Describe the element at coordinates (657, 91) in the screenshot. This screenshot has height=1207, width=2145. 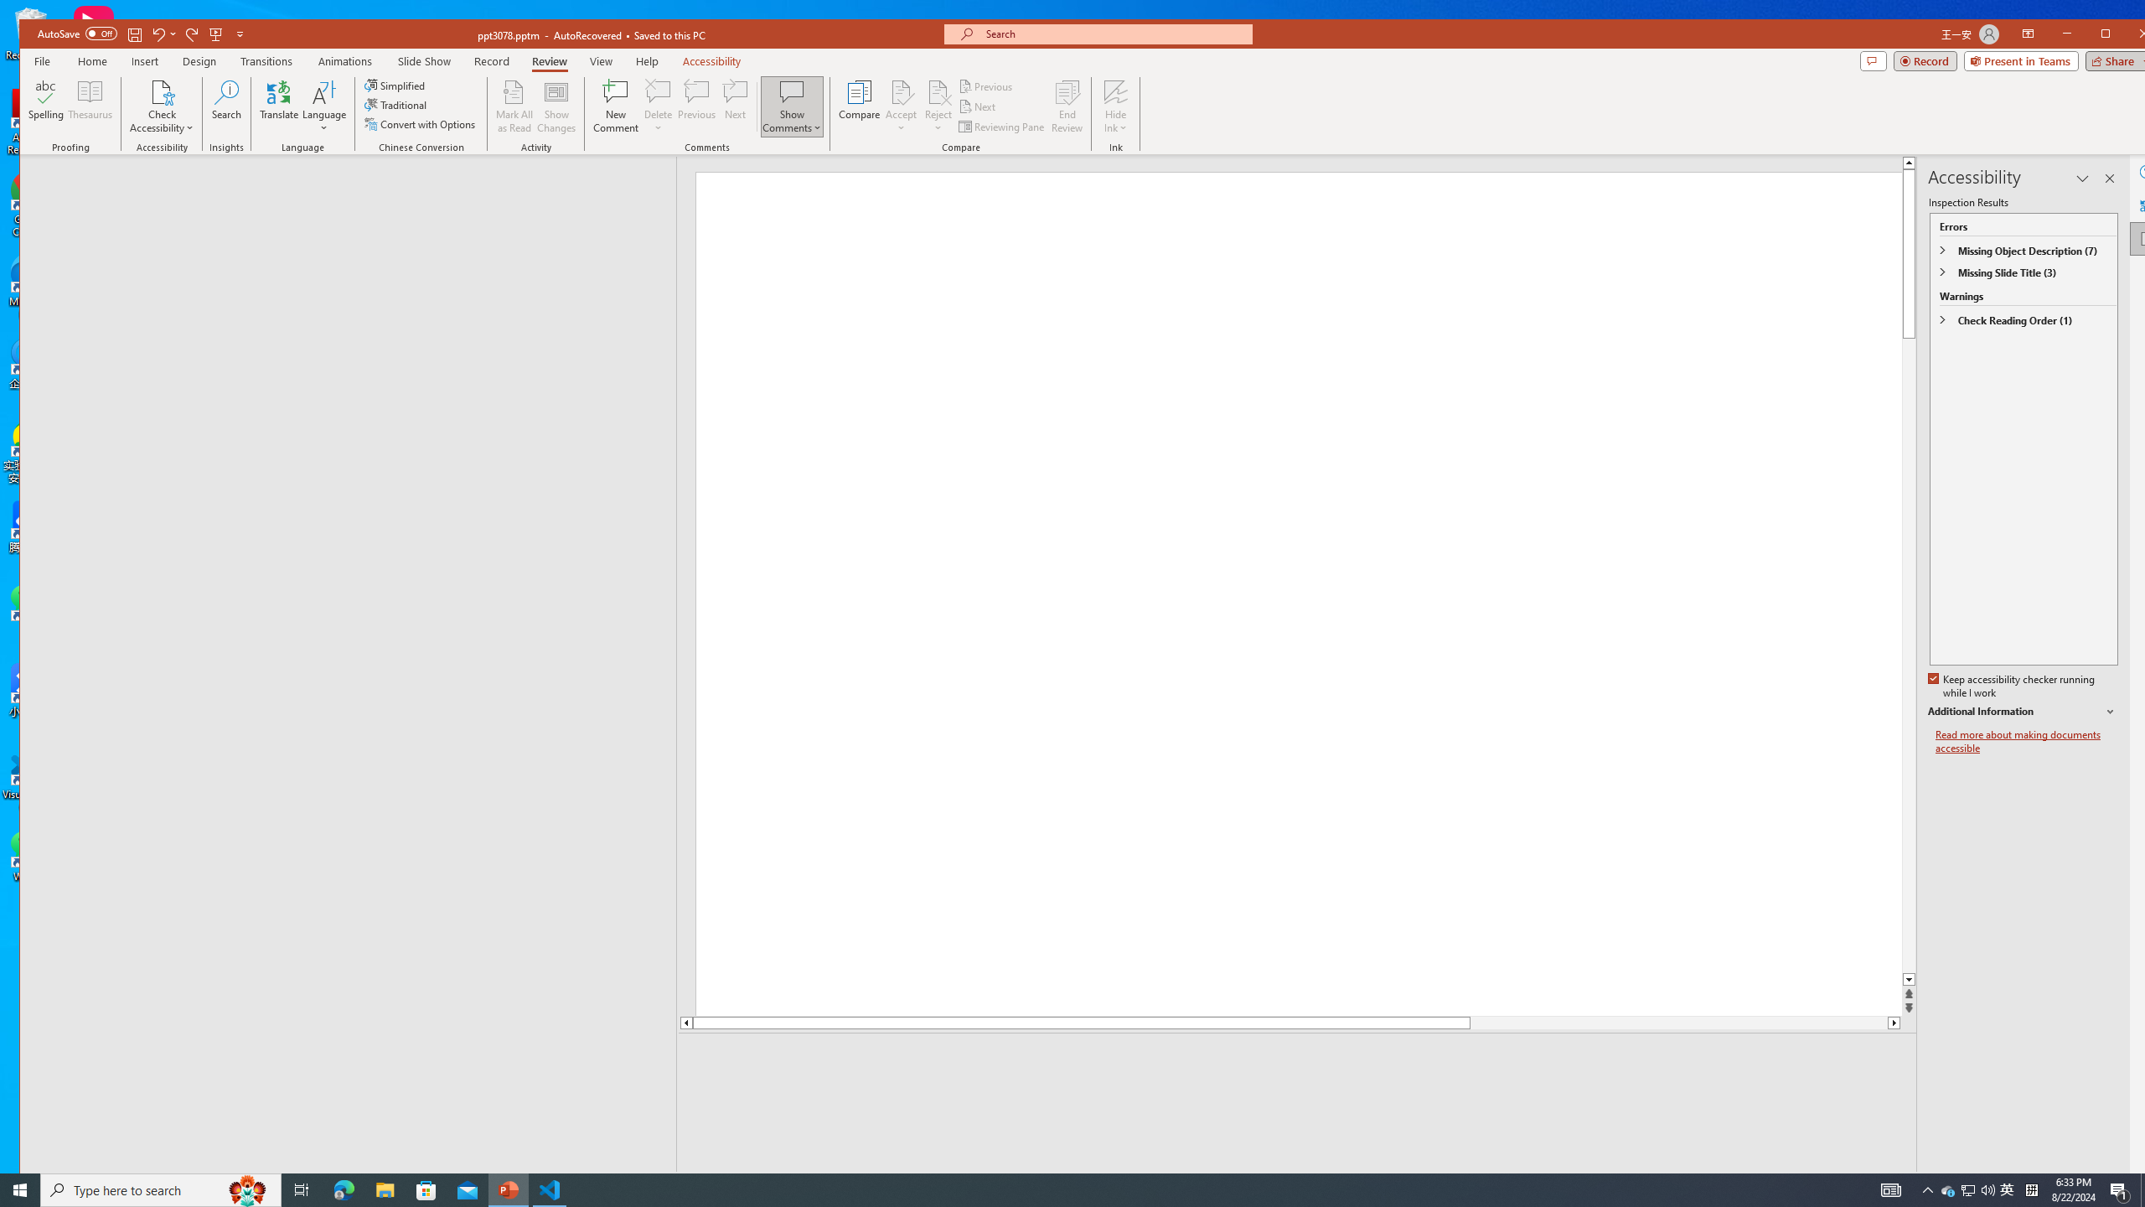
I see `'Delete'` at that location.